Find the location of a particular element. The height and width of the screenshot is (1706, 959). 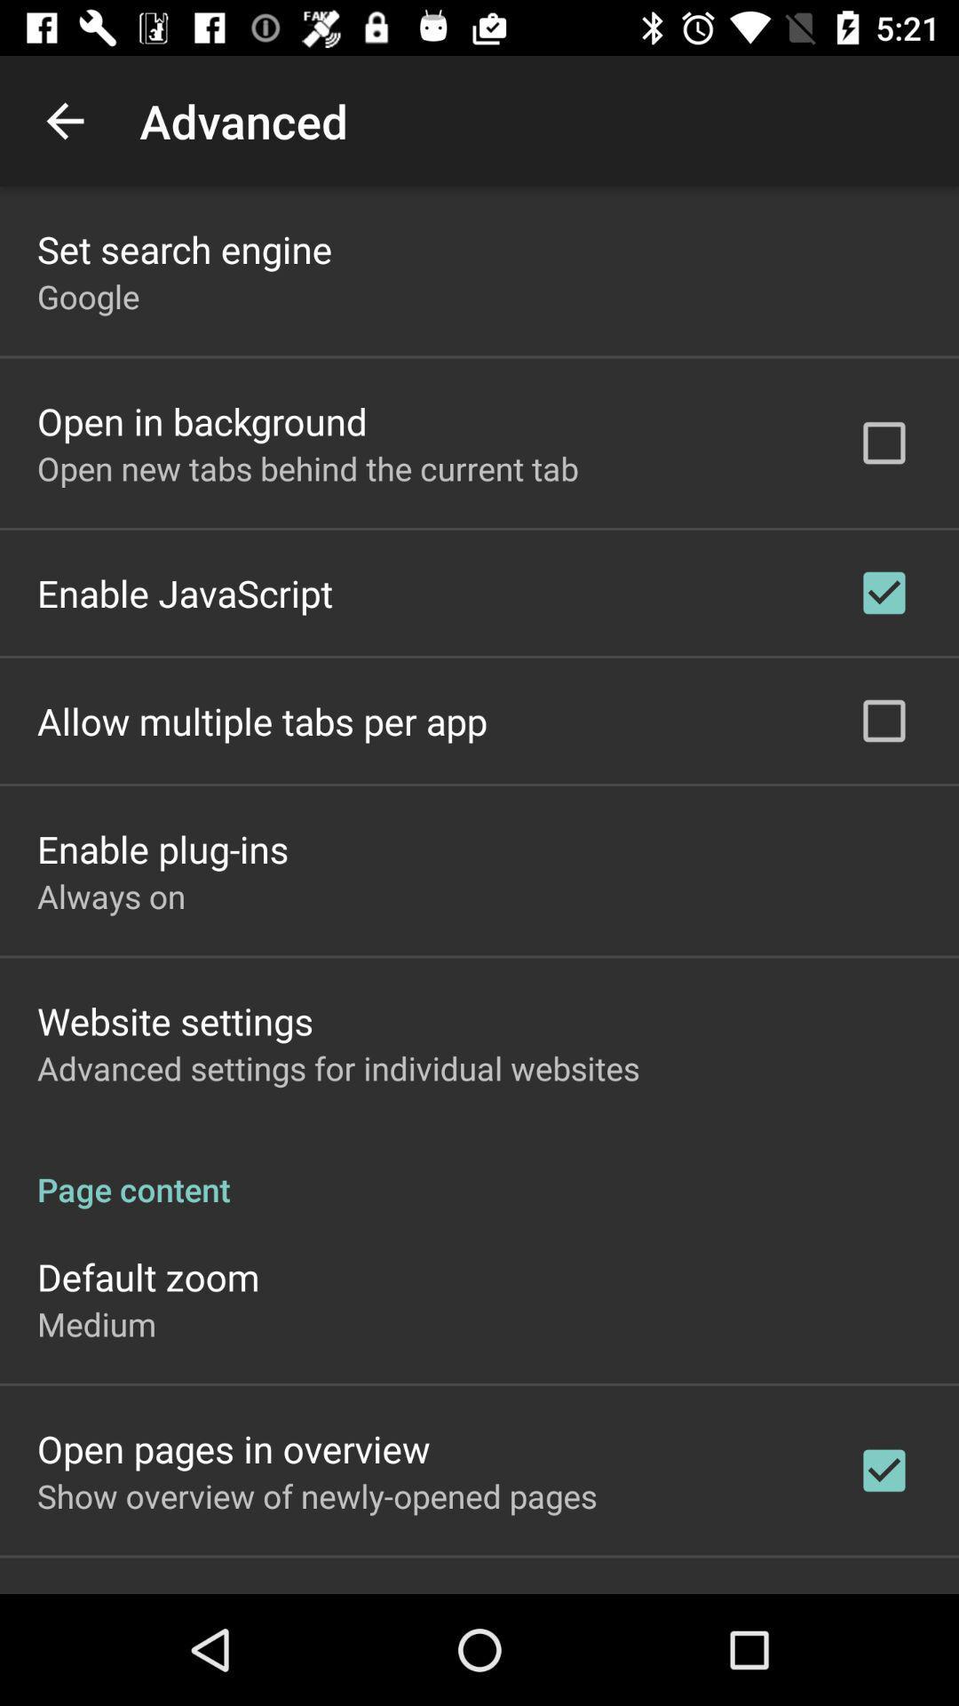

show overview of item is located at coordinates (316, 1495).